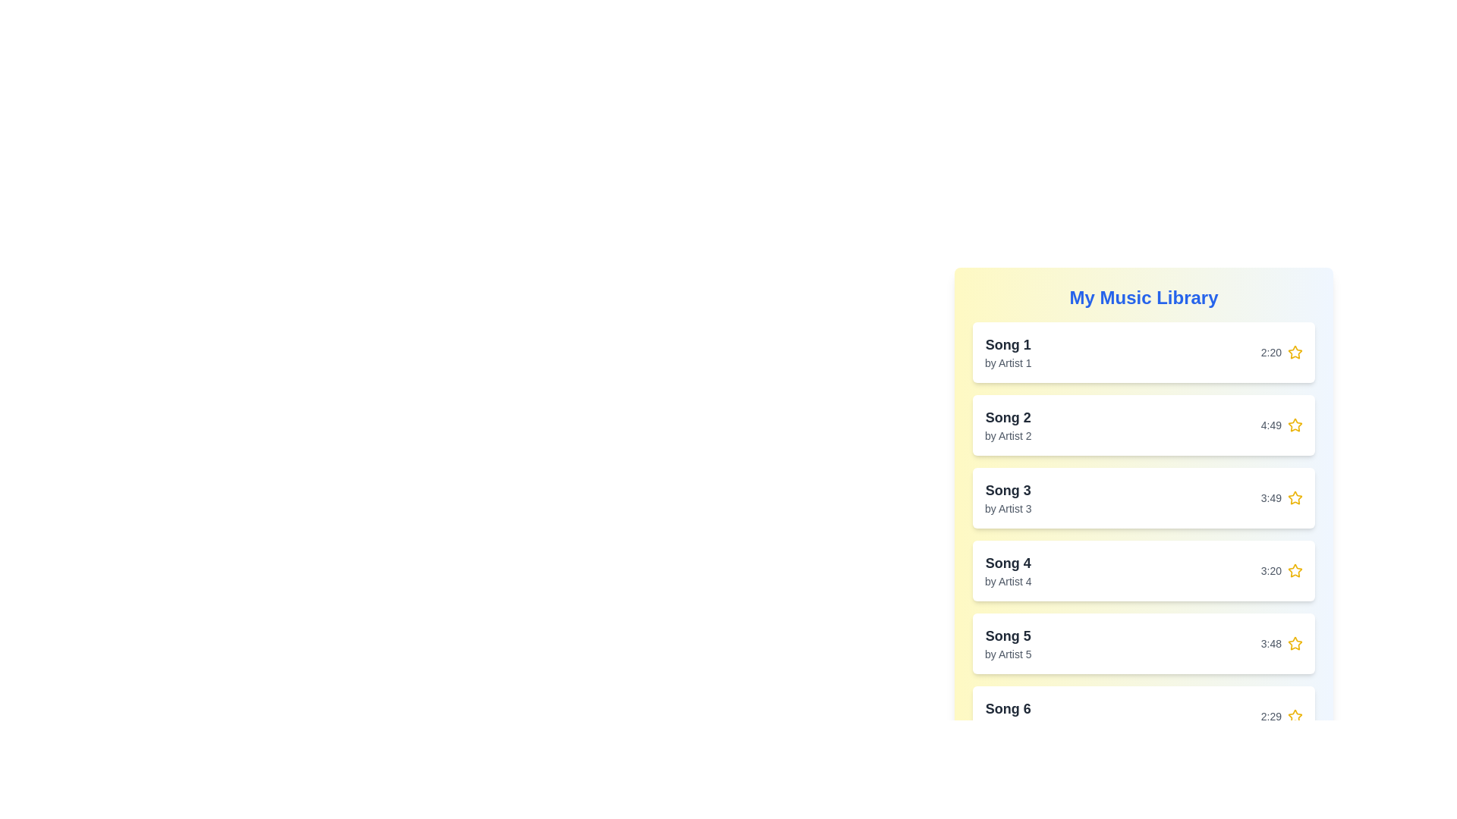  What do you see at coordinates (1281, 353) in the screenshot?
I see `the text and star icon group displaying '2:20' with a yellow star, located in the top-right section of the 'Song 1 by Artist 1' card` at bounding box center [1281, 353].